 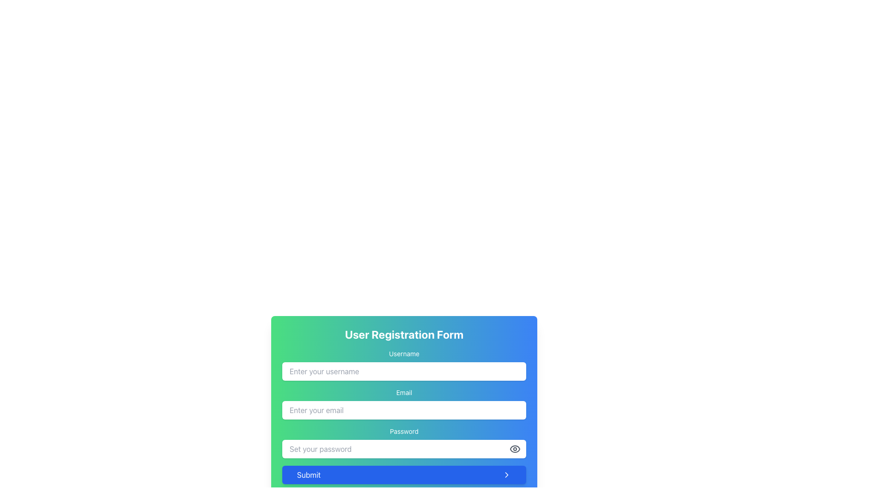 I want to click on the icon located at the far right of the 'Submit' button in the user registration form, which signifies continuation or submission of a form, so click(x=506, y=475).